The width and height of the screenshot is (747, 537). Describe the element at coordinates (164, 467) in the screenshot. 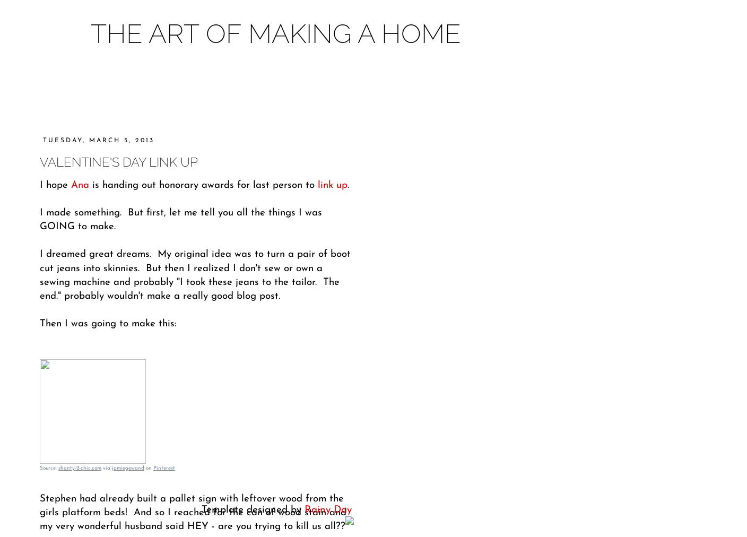

I see `'Pinterest'` at that location.